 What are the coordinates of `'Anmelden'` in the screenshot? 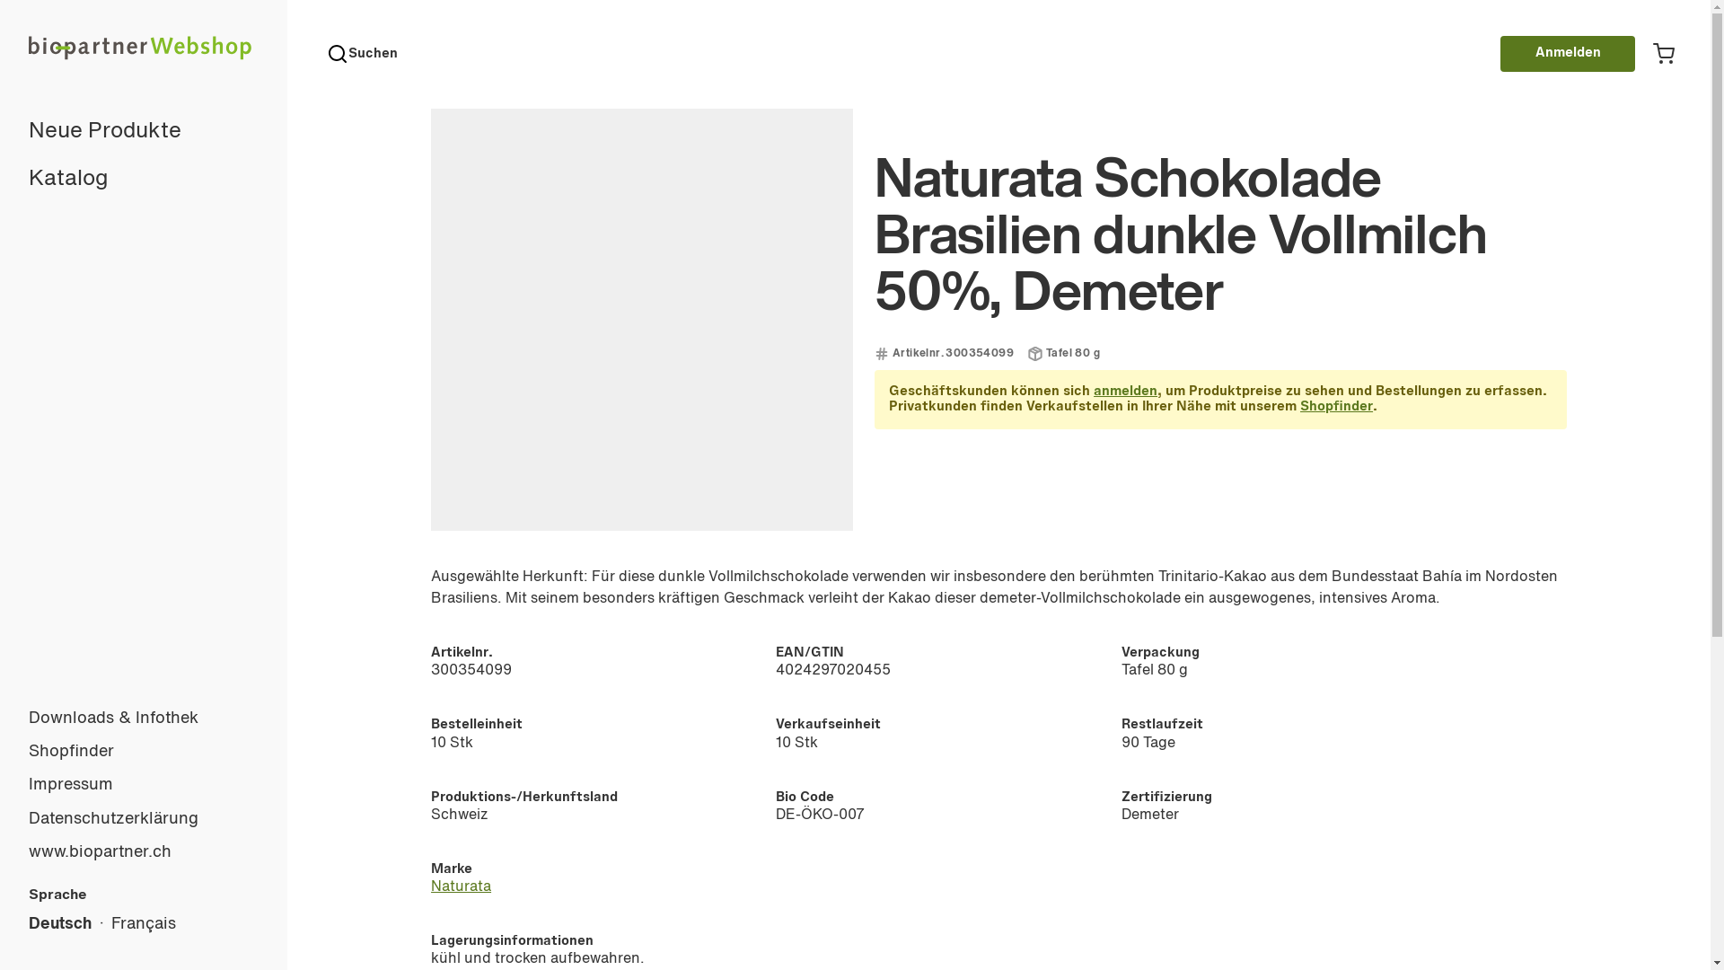 It's located at (1567, 53).